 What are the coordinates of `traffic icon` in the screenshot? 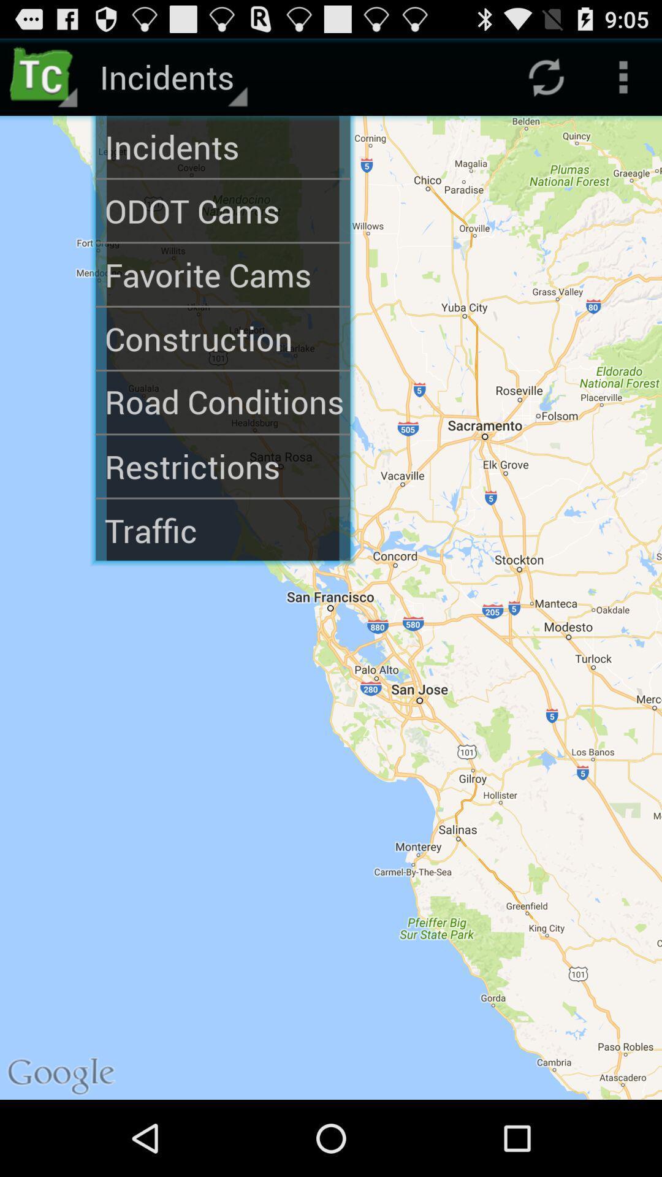 It's located at (223, 530).